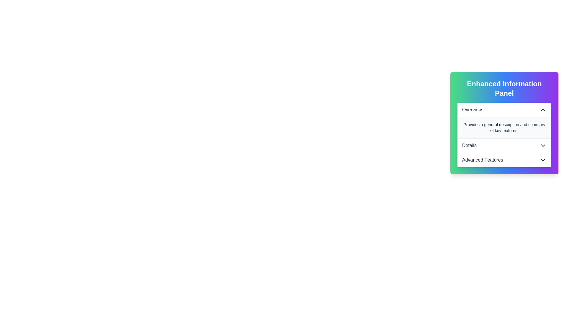  I want to click on the downward-facing chevron icon next to the 'Details' label, so click(543, 146).